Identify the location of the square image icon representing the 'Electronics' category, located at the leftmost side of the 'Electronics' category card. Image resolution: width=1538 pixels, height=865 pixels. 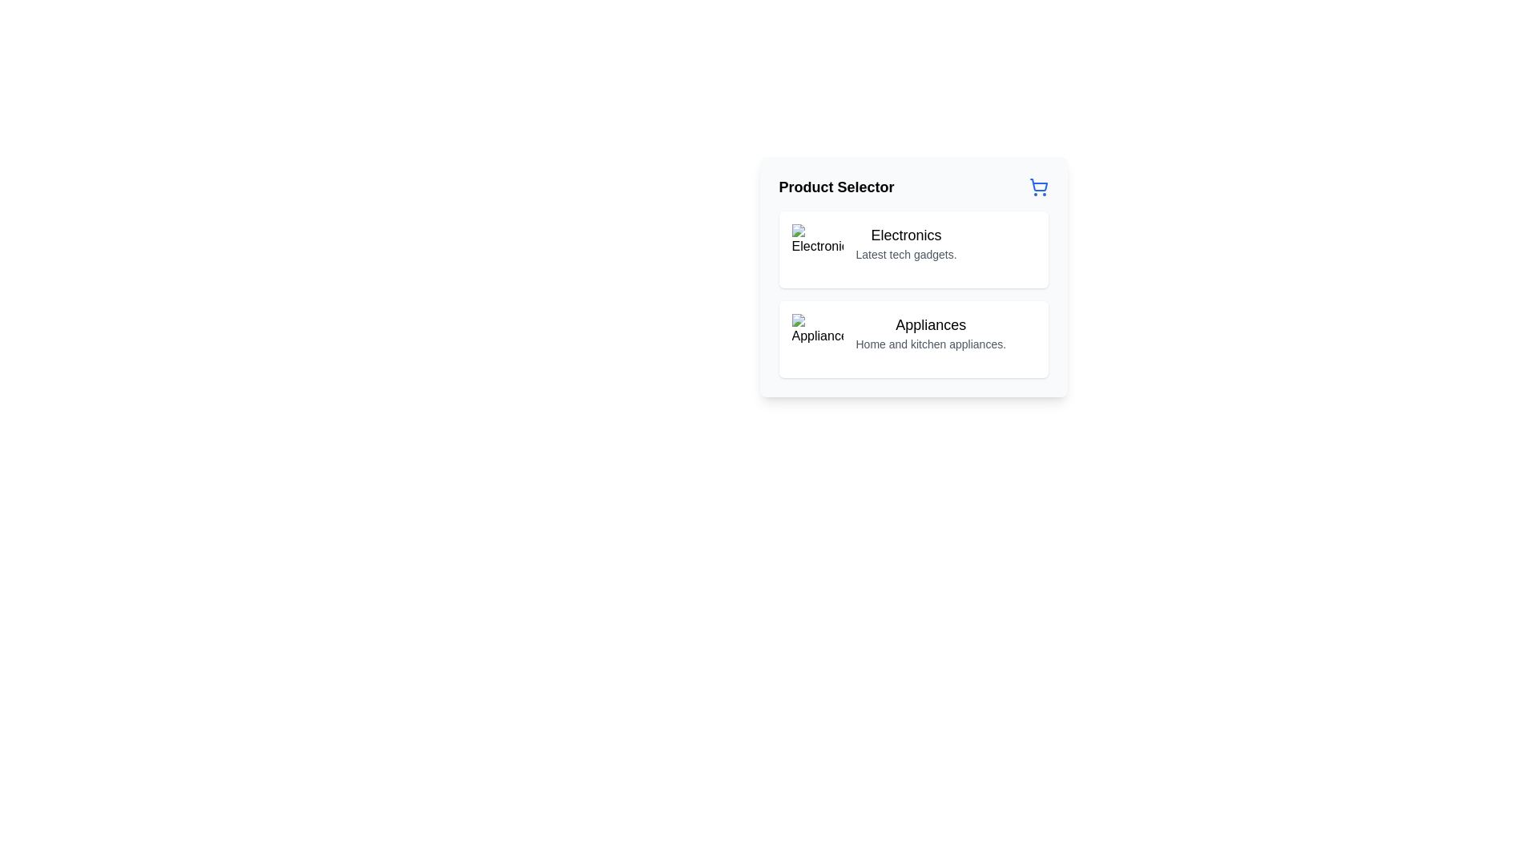
(817, 250).